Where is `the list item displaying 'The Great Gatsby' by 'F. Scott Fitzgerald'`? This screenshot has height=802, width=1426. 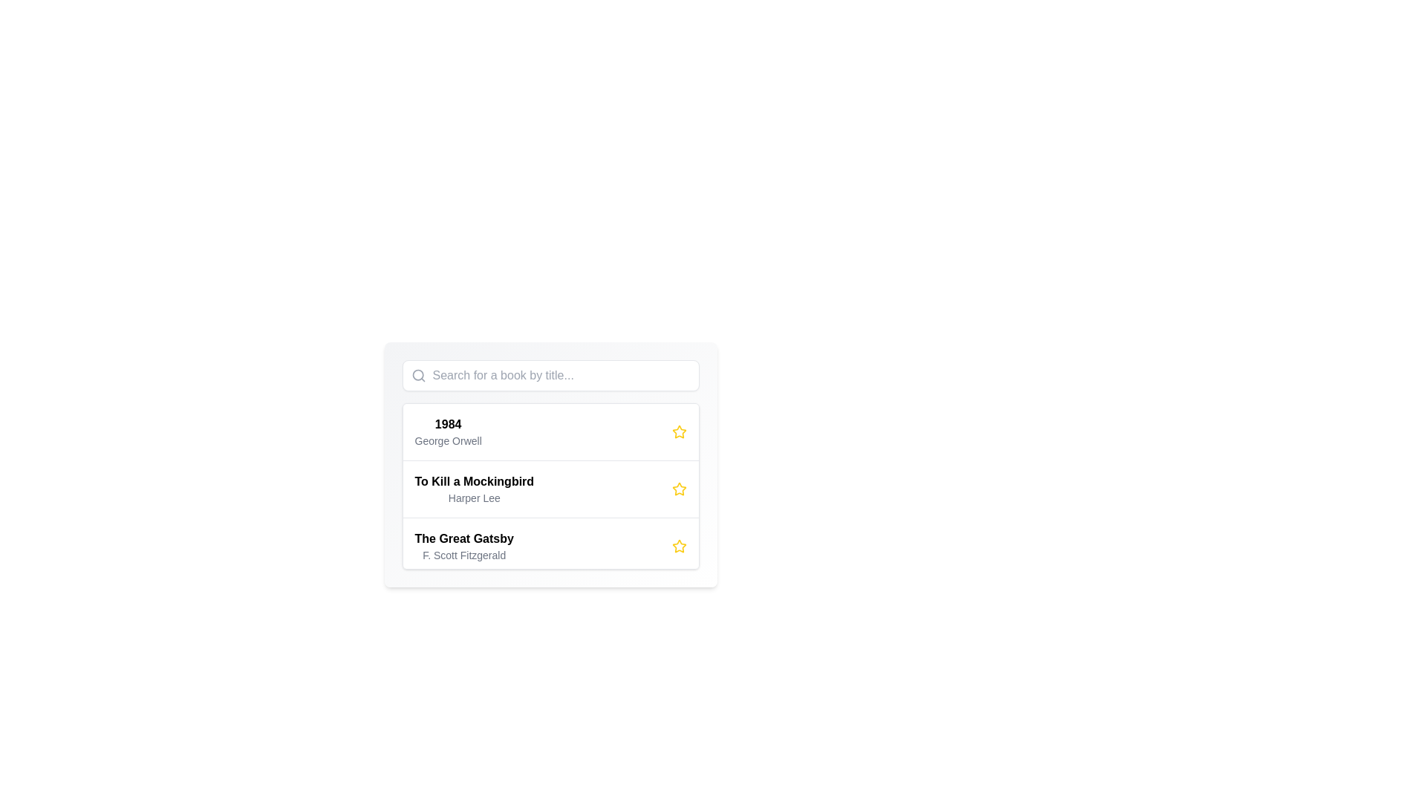 the list item displaying 'The Great Gatsby' by 'F. Scott Fitzgerald' is located at coordinates (550, 546).